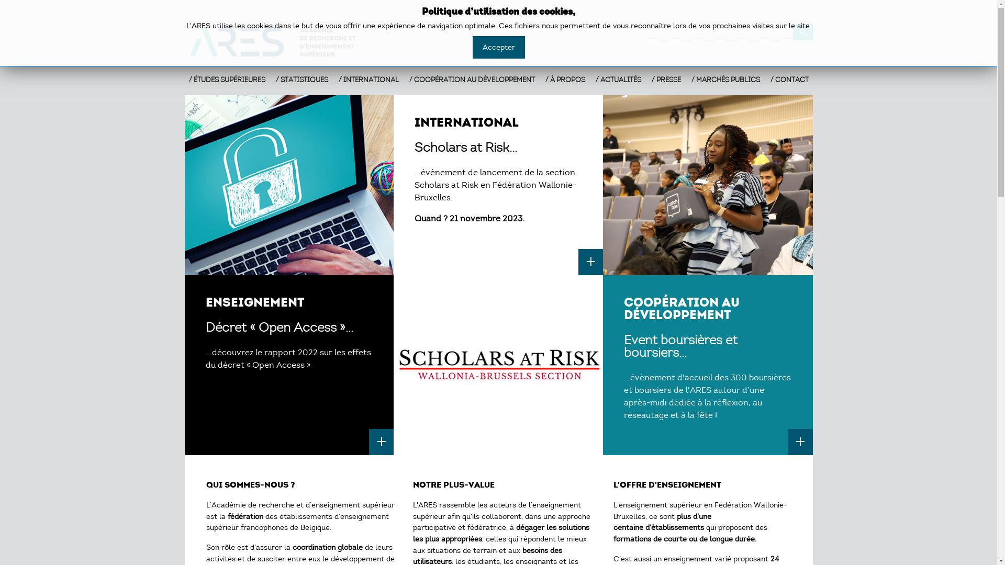 The height and width of the screenshot is (565, 1005). Describe the element at coordinates (278, 41) in the screenshot. I see `'Ares-ac.be'` at that location.